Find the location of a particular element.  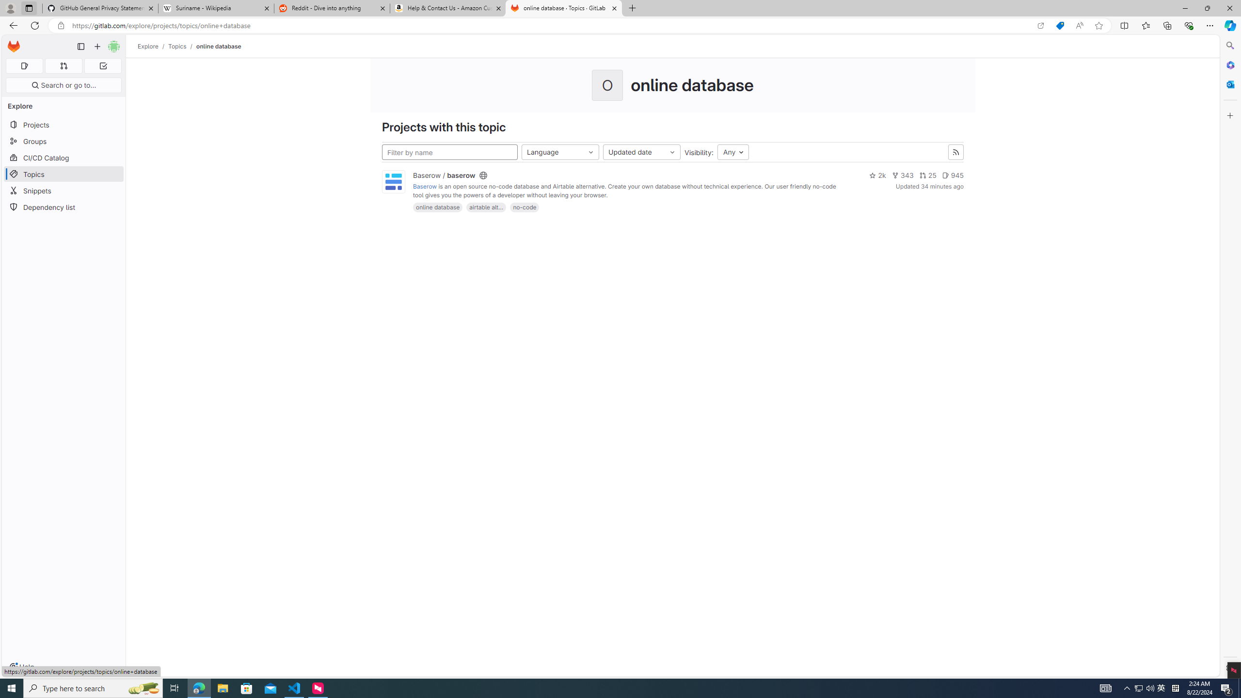

'Projects' is located at coordinates (63, 124).